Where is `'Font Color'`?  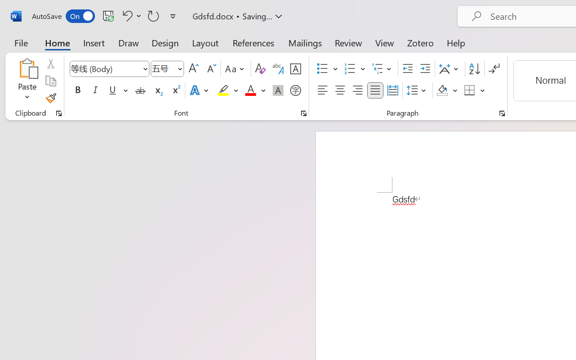 'Font Color' is located at coordinates (255, 90).